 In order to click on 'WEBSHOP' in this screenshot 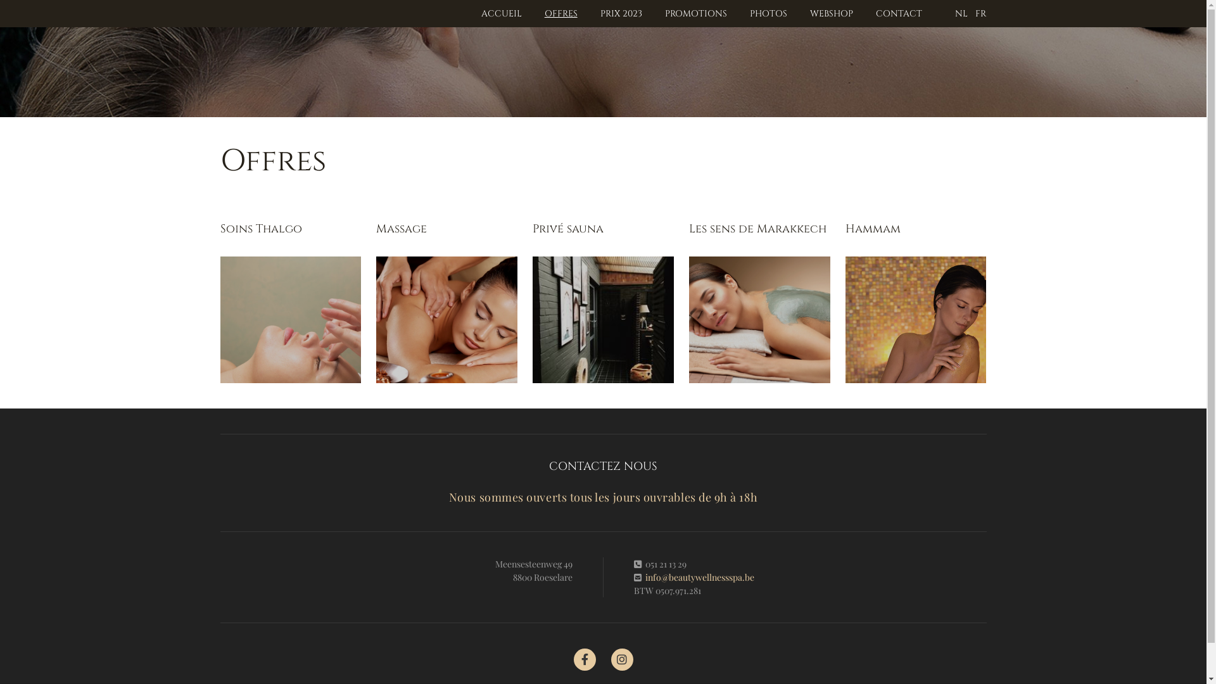, I will do `click(809, 13)`.